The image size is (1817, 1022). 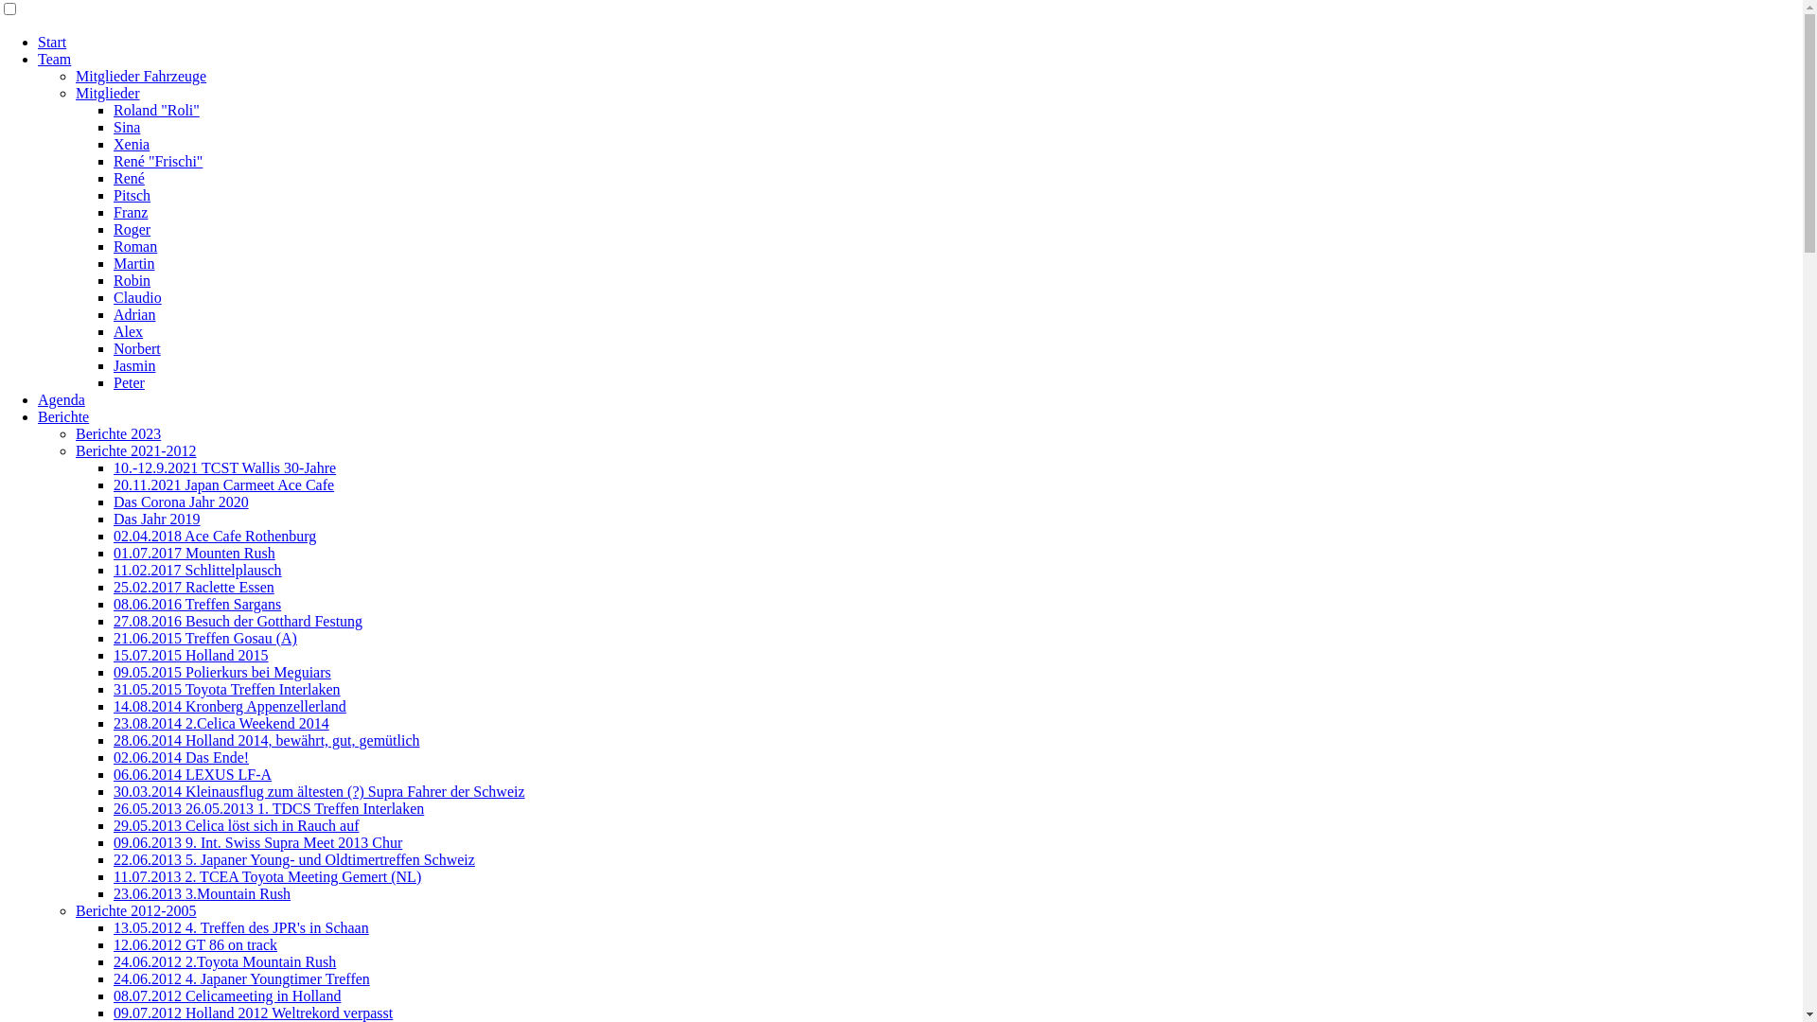 I want to click on '24.06.2012 4. Japaner Youngtimer Treffen', so click(x=240, y=978).